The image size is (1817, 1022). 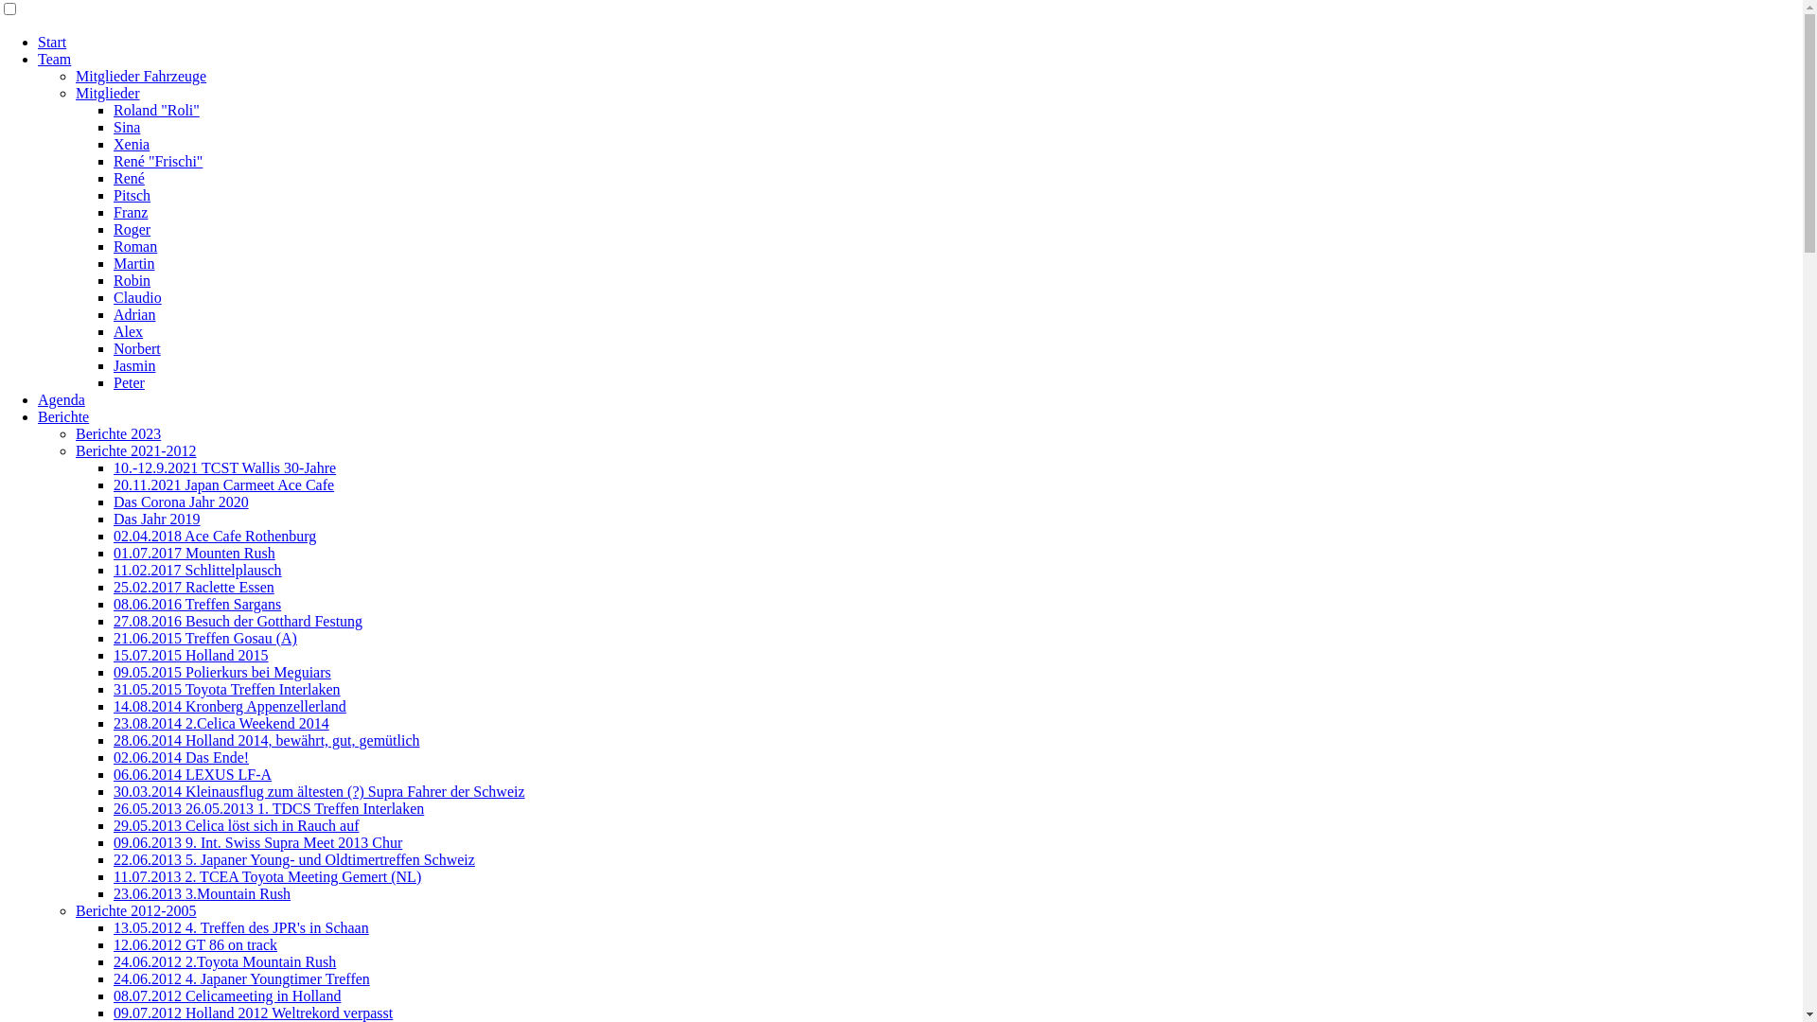 I want to click on '24.06.2012 4. Japaner Youngtimer Treffen', so click(x=240, y=978).